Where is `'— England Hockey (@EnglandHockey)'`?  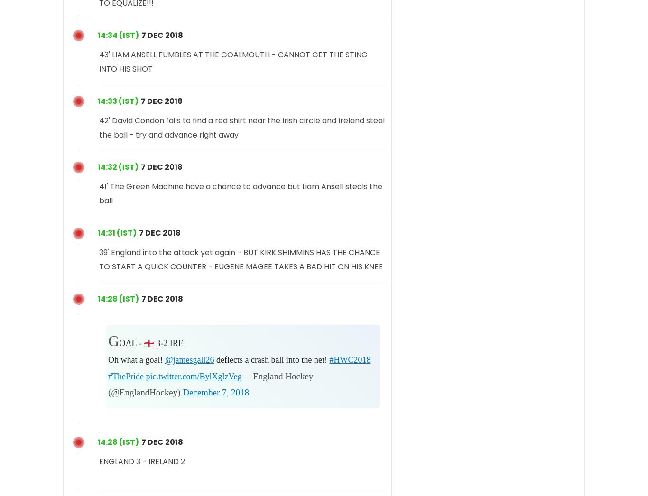 '— England Hockey (@EnglandHockey)' is located at coordinates (210, 384).